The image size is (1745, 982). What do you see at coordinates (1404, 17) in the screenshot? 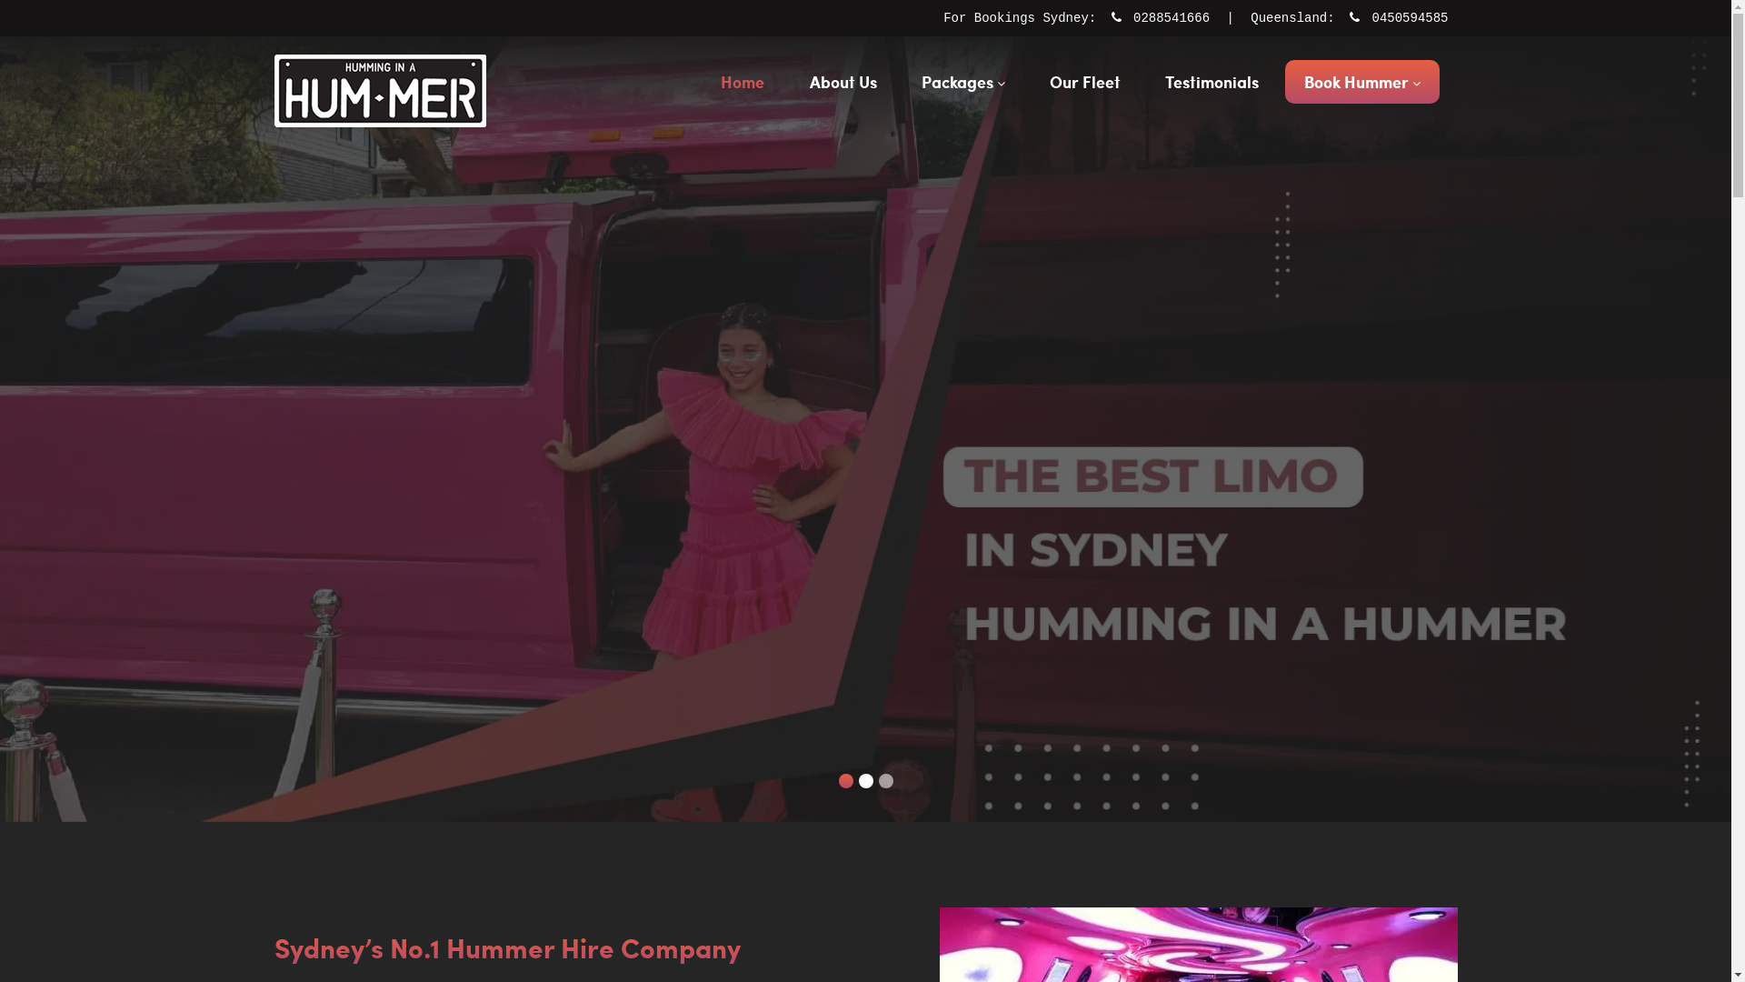
I see `'0450594585'` at bounding box center [1404, 17].